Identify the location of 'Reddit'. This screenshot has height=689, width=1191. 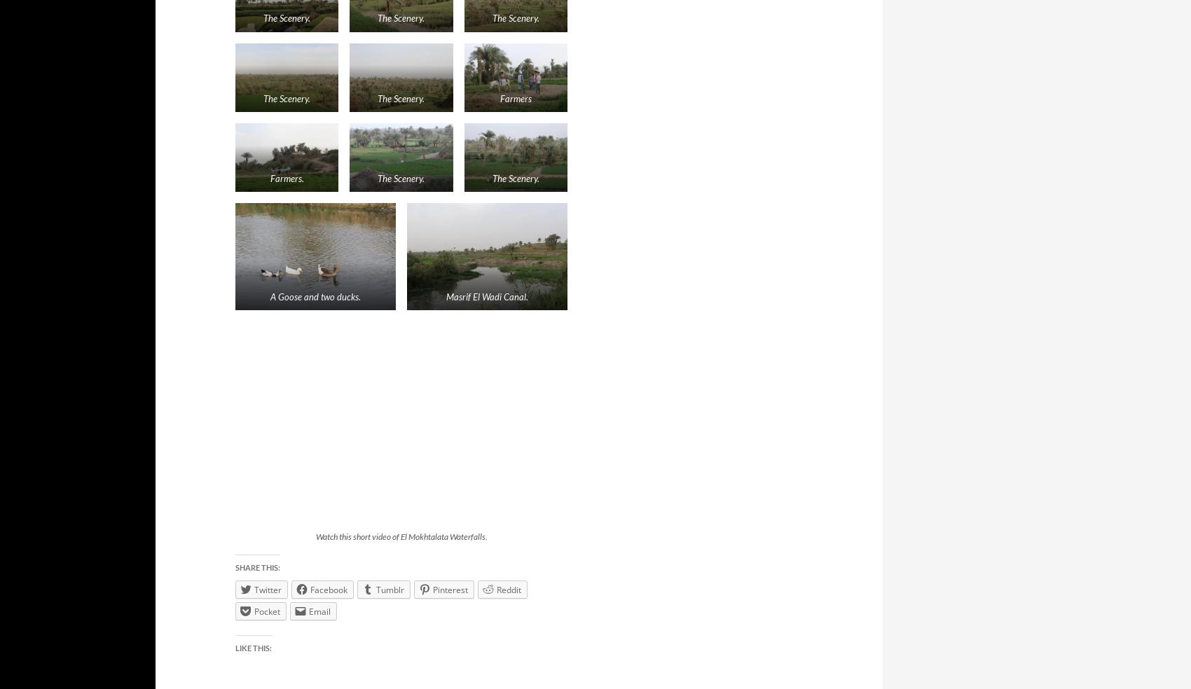
(497, 588).